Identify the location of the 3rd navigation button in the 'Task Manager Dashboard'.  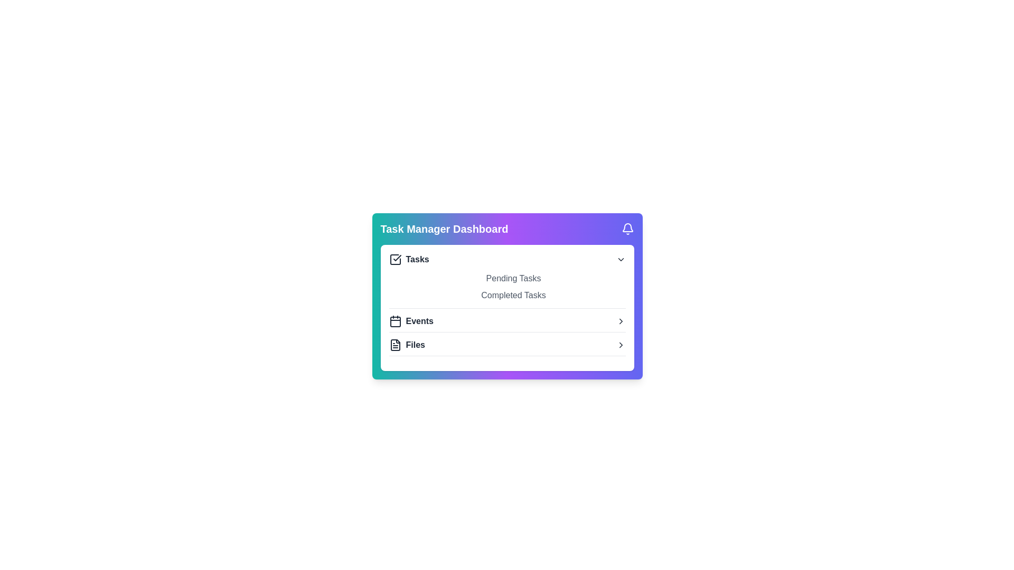
(507, 323).